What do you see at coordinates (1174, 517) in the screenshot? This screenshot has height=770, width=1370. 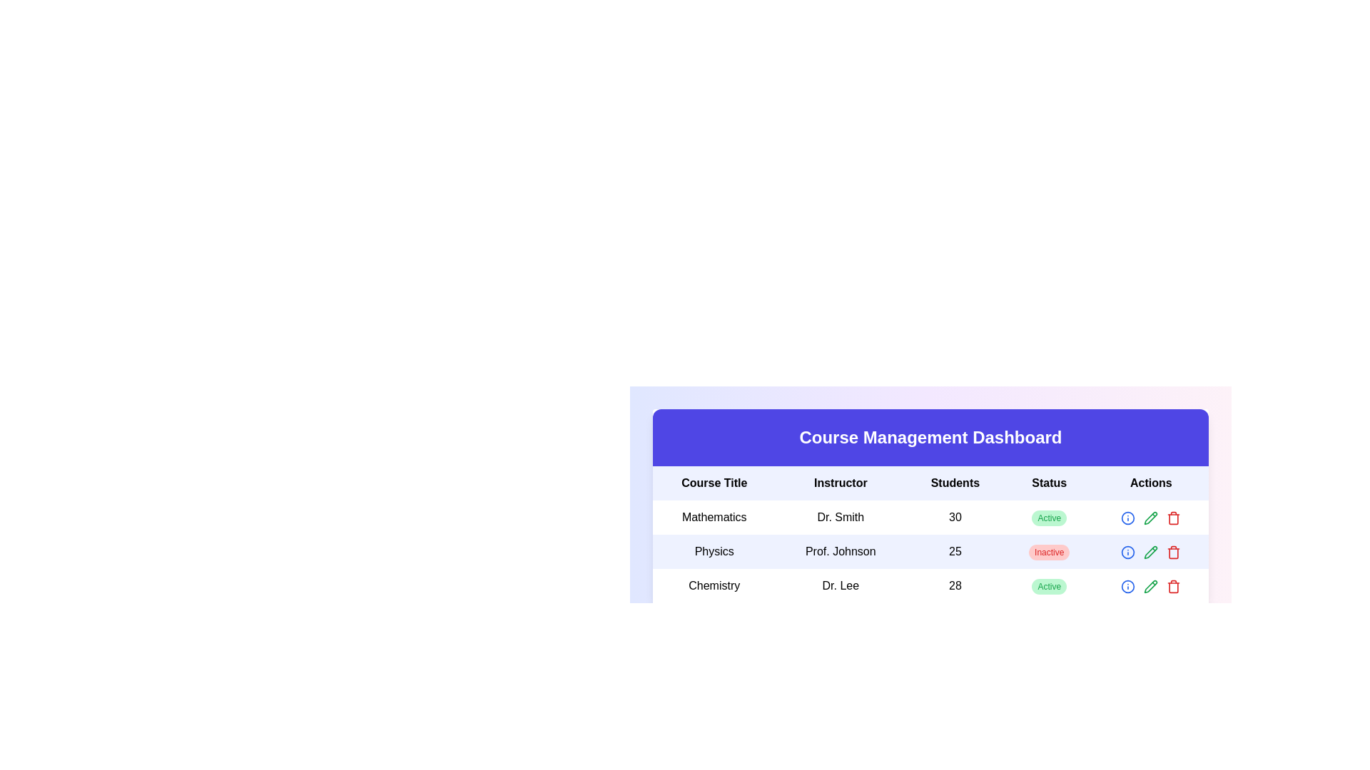 I see `the delete button, which is the third icon in the 'Actions' column` at bounding box center [1174, 517].